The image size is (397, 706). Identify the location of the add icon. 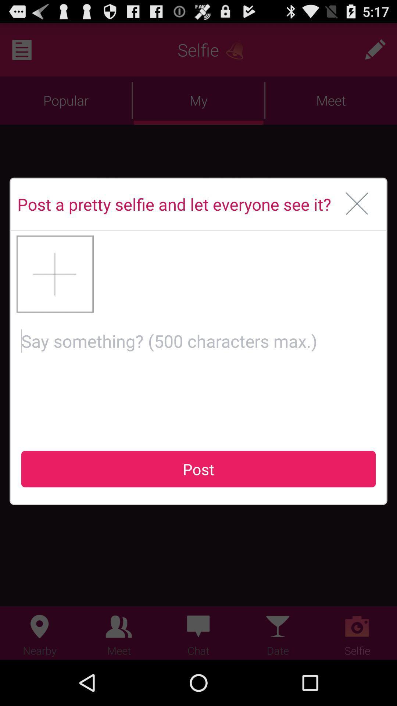
(55, 293).